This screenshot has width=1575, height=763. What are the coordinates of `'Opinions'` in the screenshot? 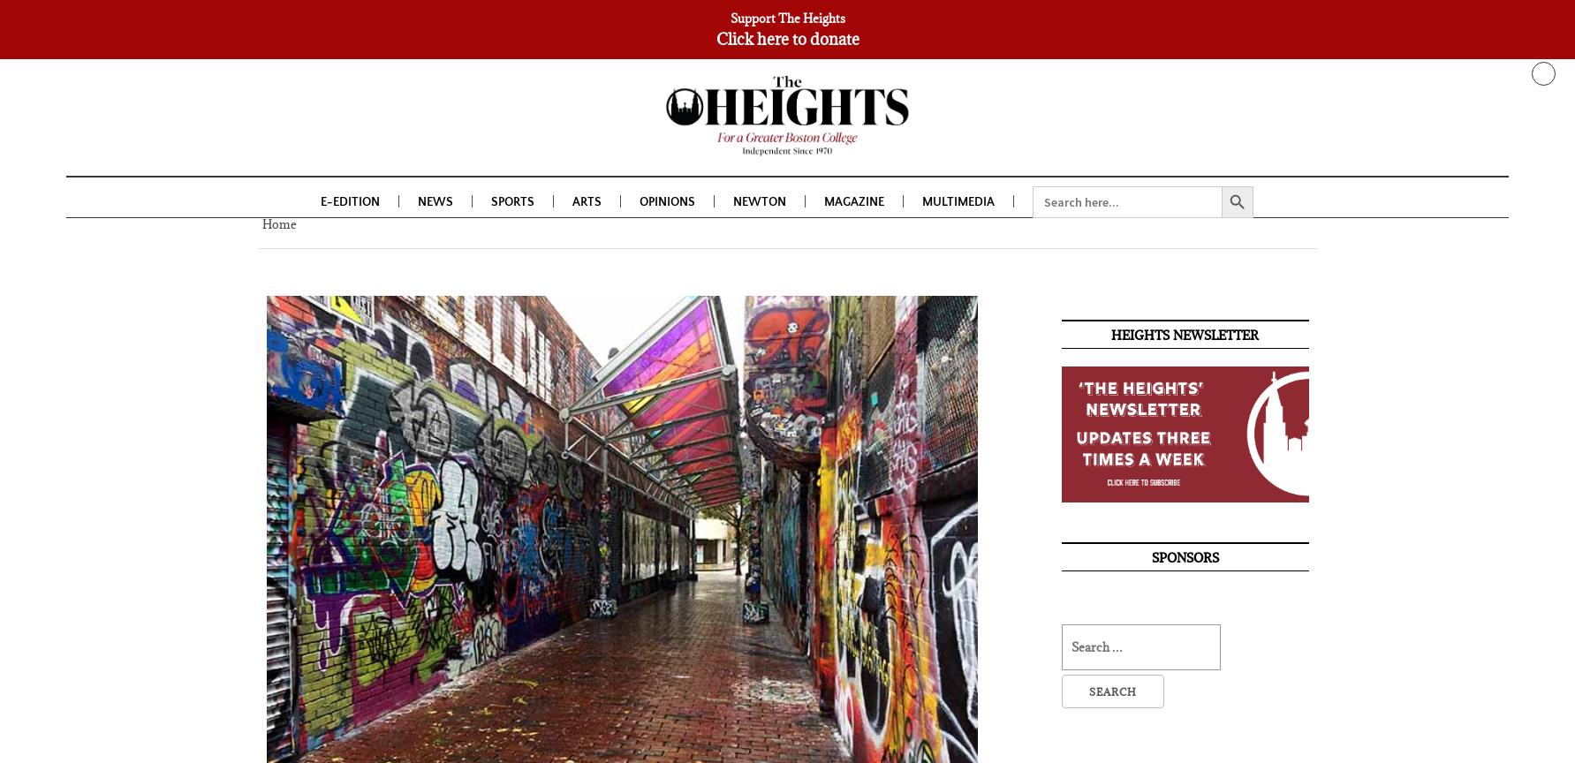 It's located at (639, 206).